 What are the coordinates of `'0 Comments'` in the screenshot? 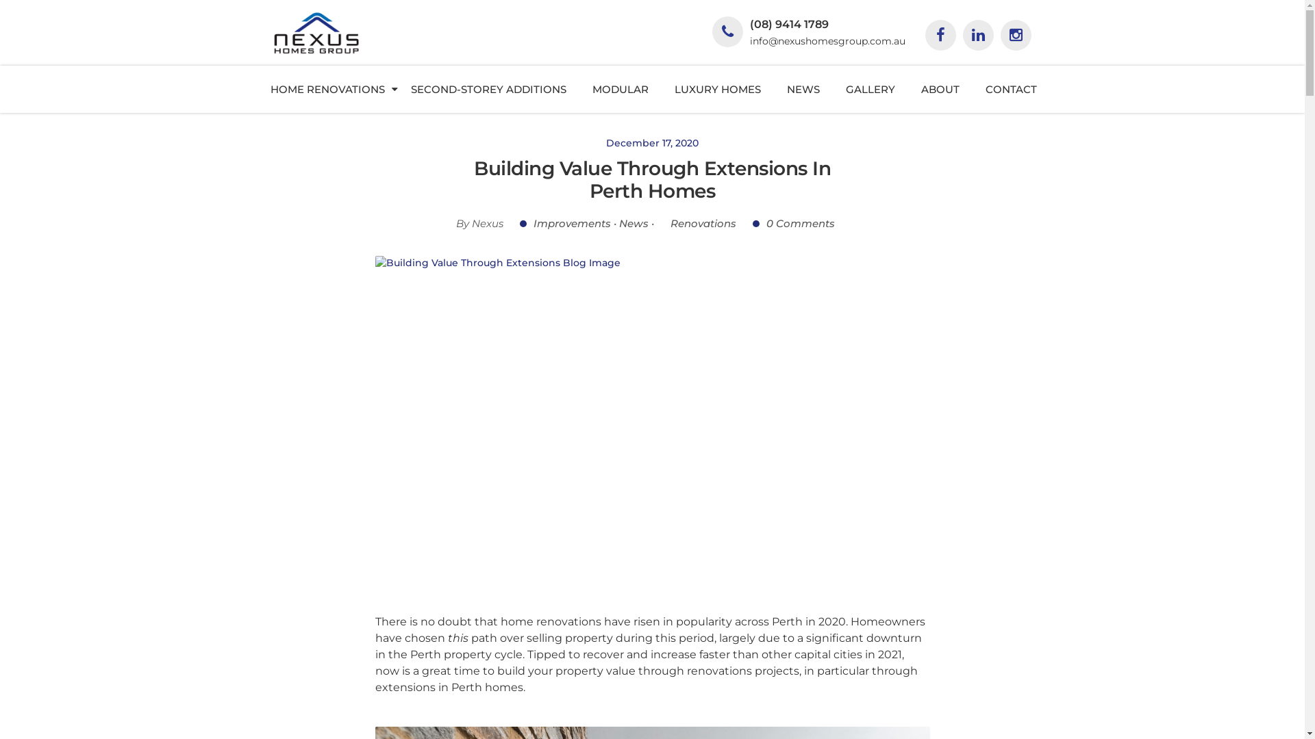 It's located at (793, 222).